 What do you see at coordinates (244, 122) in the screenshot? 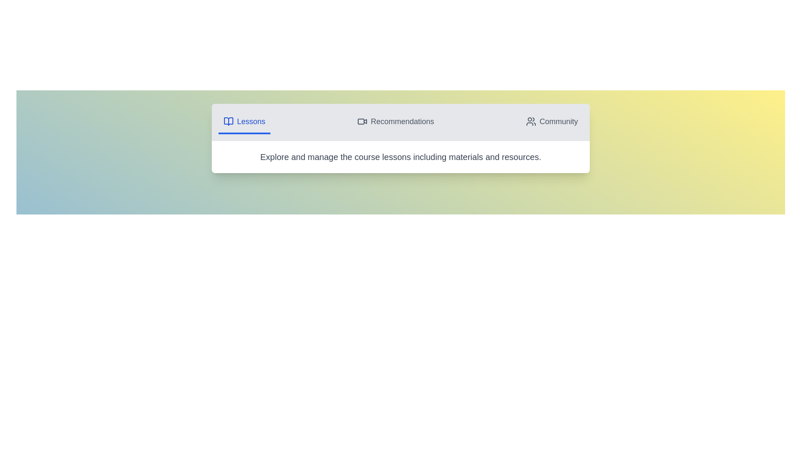
I see `the Lessons tab by clicking on its icon` at bounding box center [244, 122].